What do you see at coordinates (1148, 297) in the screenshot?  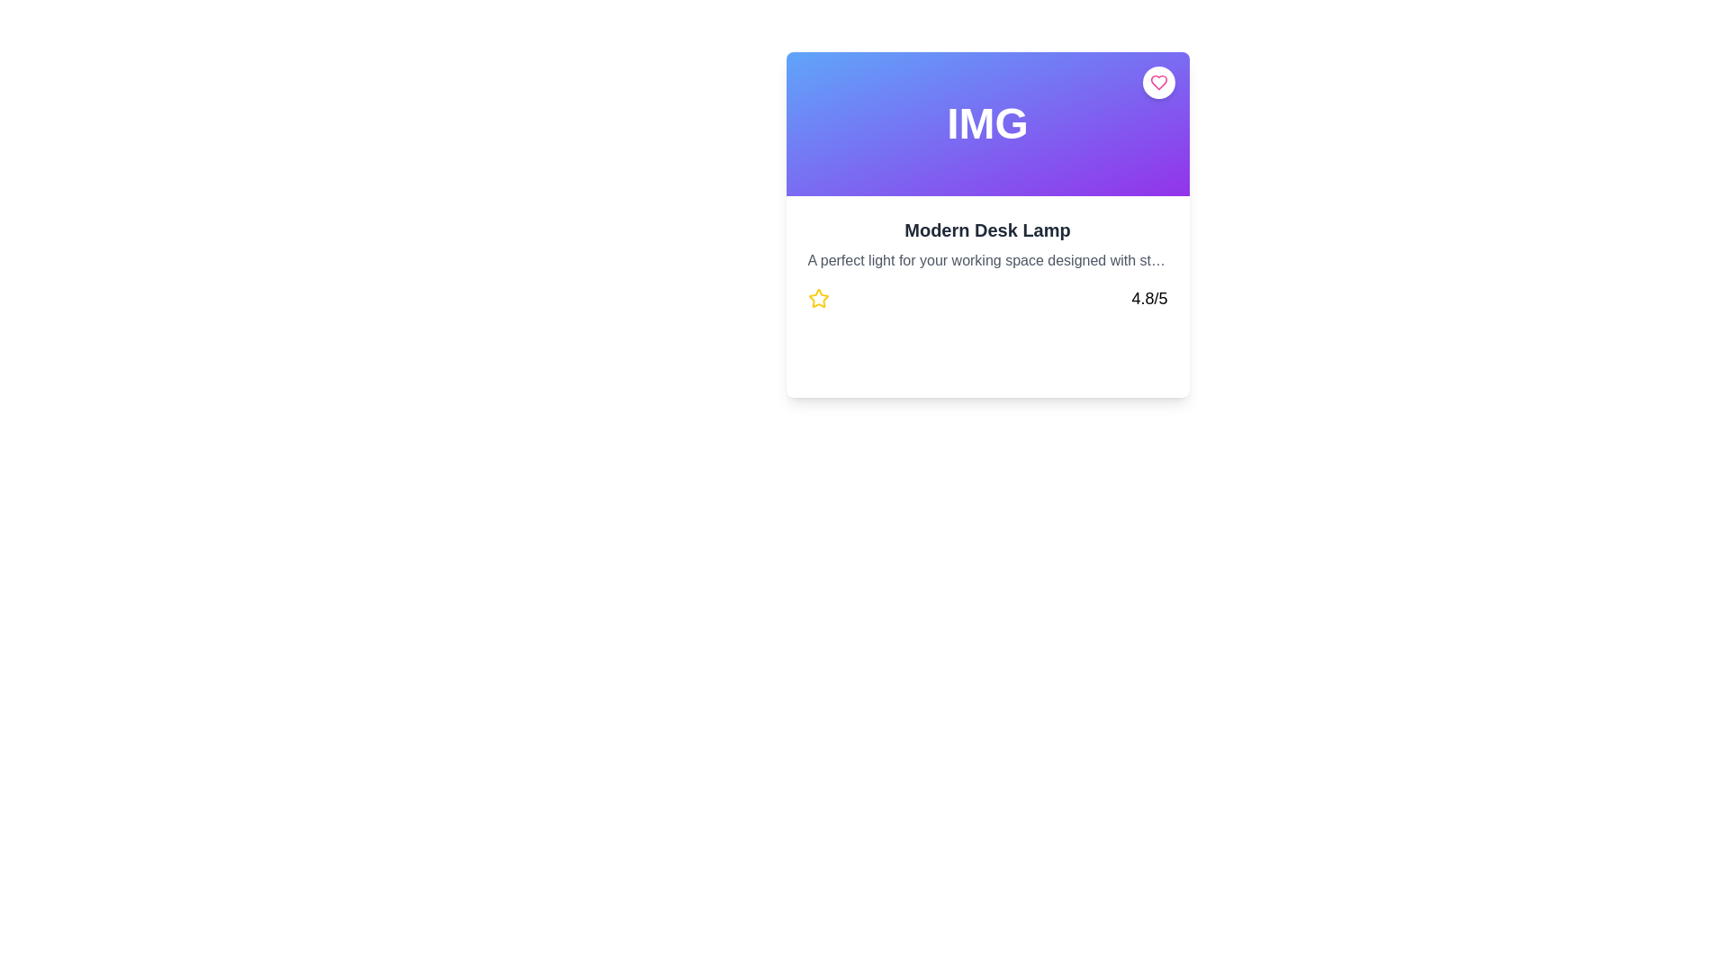 I see `text element displaying the user rating '4.8/5', which is styled in a medium-sized bold font and is positioned to the right of a star icon` at bounding box center [1148, 297].